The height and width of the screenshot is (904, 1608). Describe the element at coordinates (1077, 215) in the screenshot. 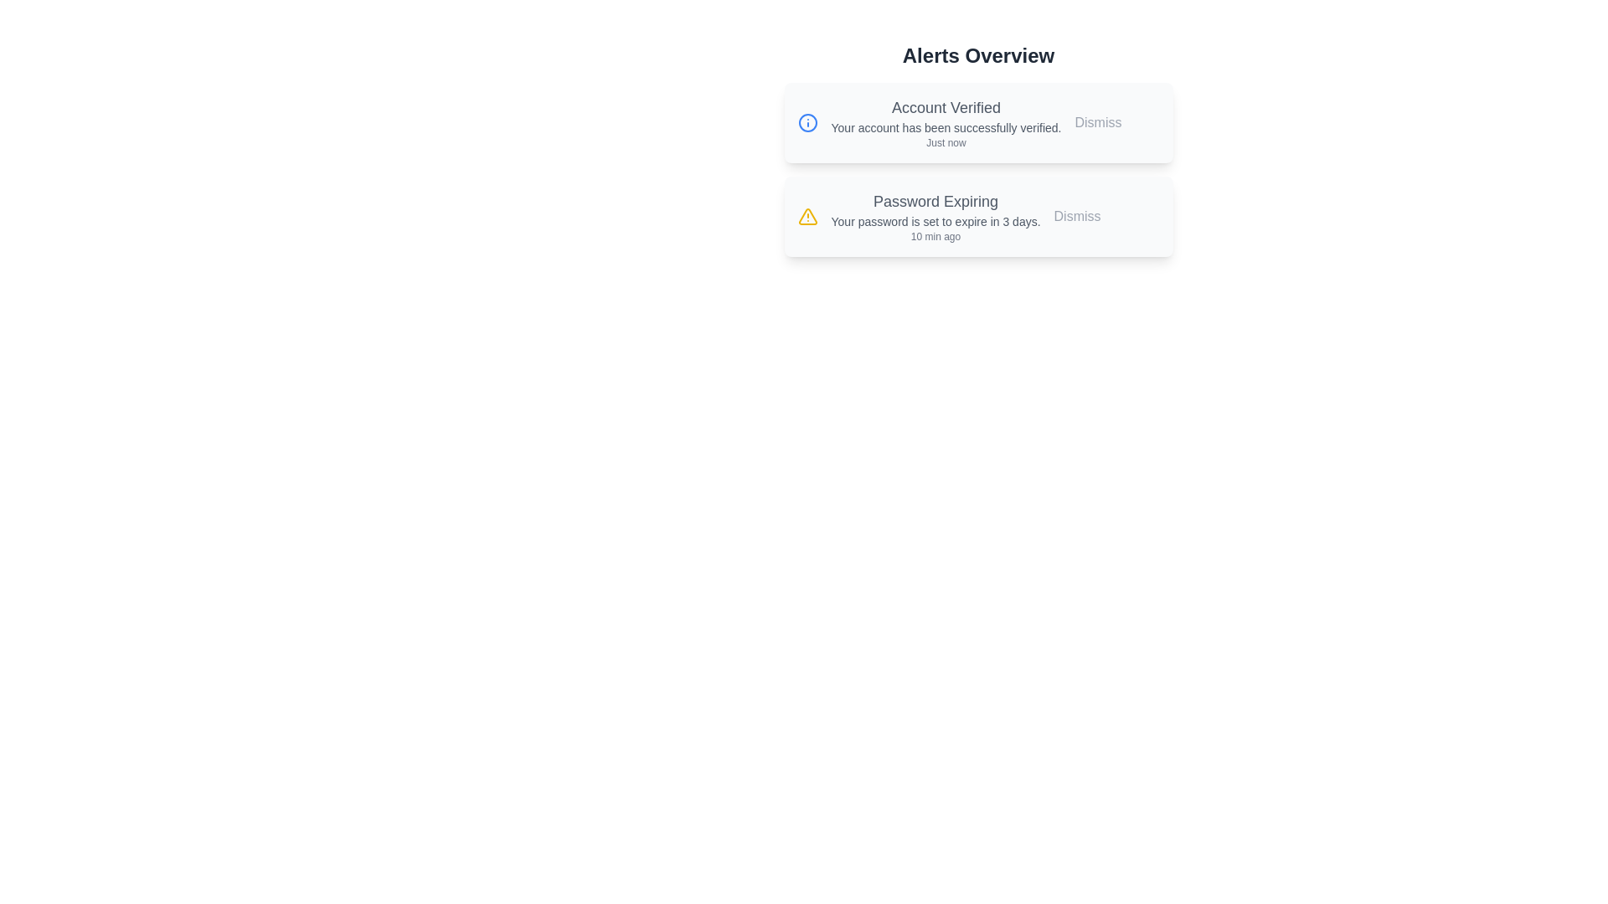

I see `the dismiss button for the alert titled 'Password Expiring'` at that location.